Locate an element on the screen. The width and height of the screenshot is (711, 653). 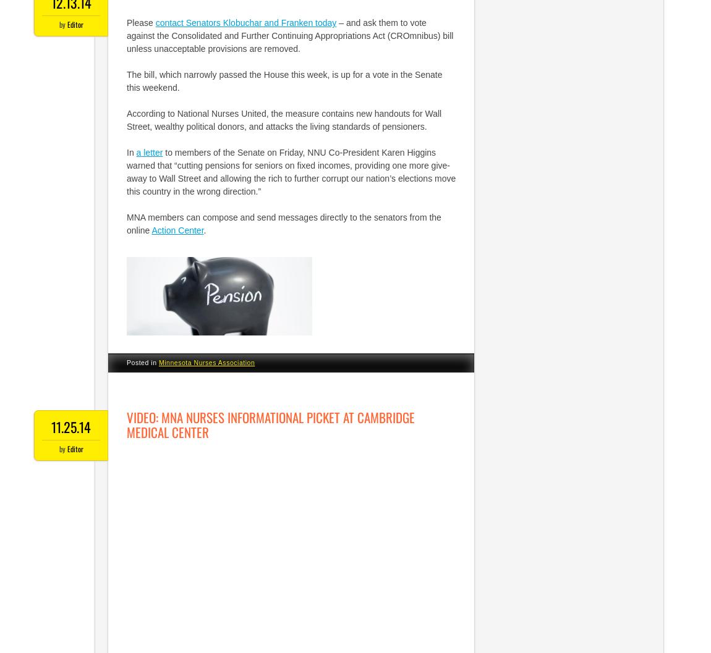
'Posted in' is located at coordinates (142, 361).